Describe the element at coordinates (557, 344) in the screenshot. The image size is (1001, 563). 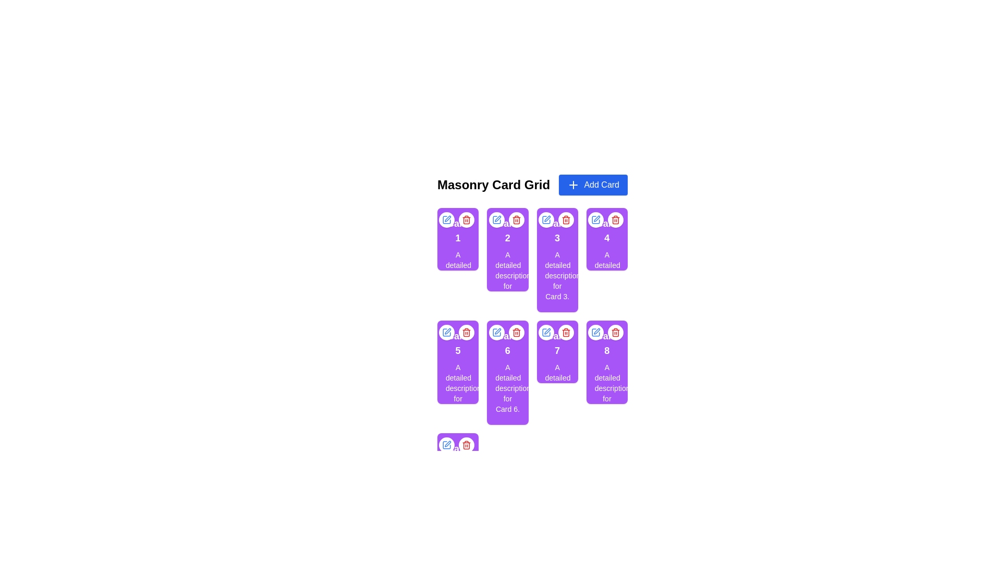
I see `the text label of 'Card 7', which is the title of the seventh card located in the second row and third column of the grid layout` at that location.